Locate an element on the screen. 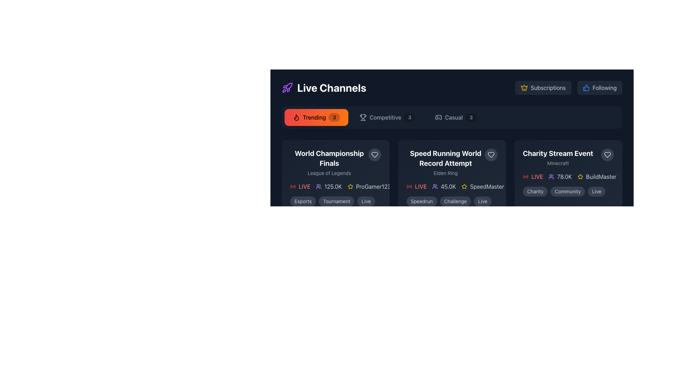  the 'Trending' label, which is displayed in bold, capitalized black font on an orange gradient background is located at coordinates (314, 117).